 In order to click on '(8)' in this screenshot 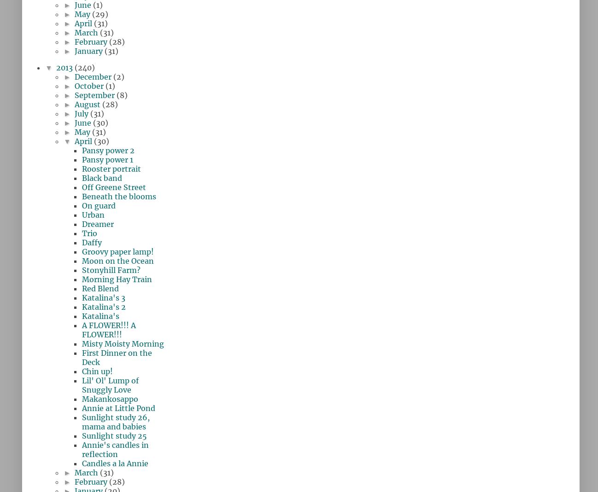, I will do `click(121, 95)`.